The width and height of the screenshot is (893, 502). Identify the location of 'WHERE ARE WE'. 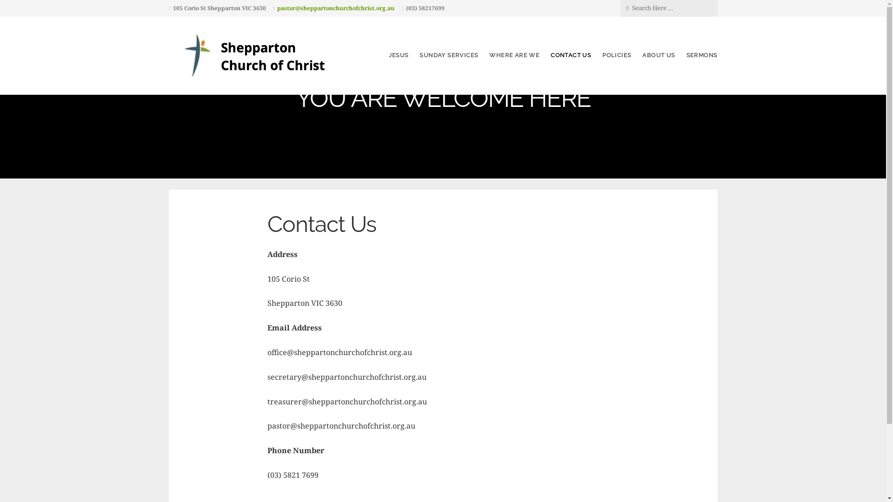
(488, 55).